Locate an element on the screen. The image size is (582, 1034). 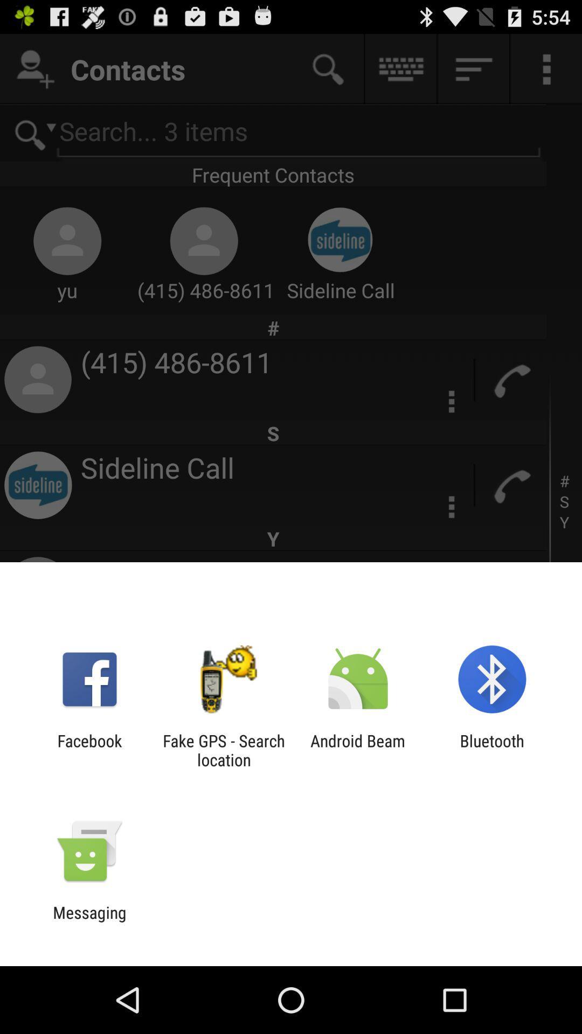
the item to the right of the android beam app is located at coordinates (492, 750).